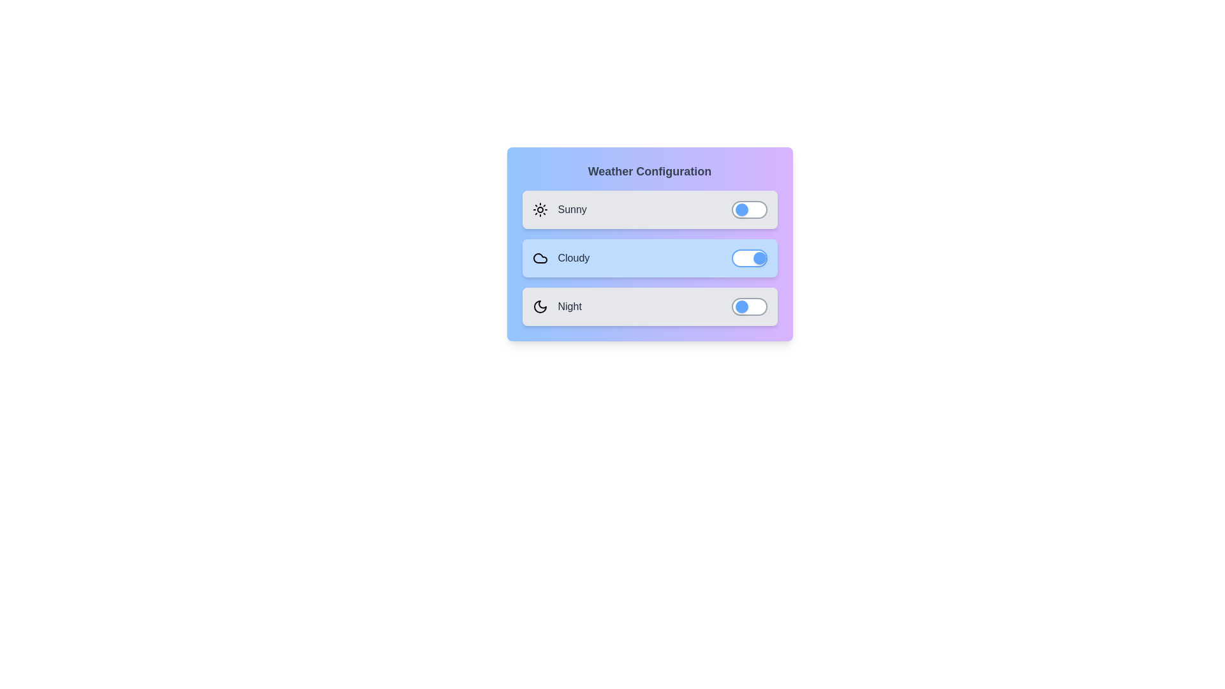 Image resolution: width=1225 pixels, height=689 pixels. What do you see at coordinates (650, 171) in the screenshot?
I see `the 'Weather Configuration' title to focus on it` at bounding box center [650, 171].